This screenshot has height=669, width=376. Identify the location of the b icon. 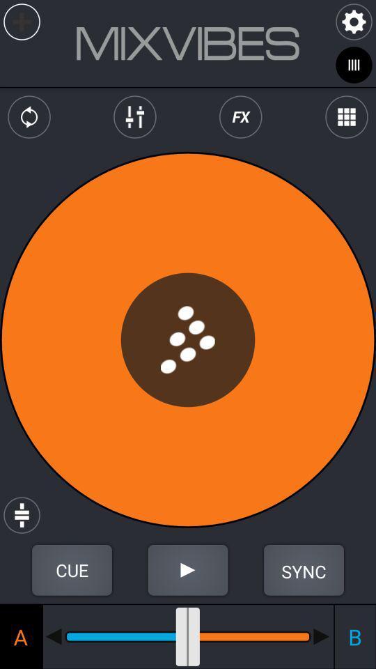
(354, 636).